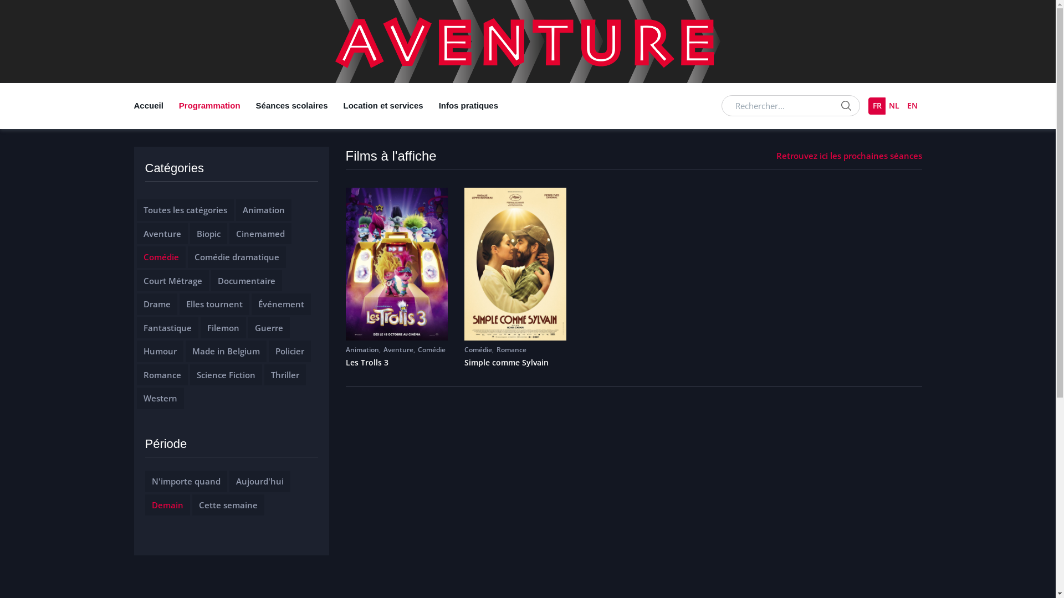  What do you see at coordinates (903, 106) in the screenshot?
I see `'EN'` at bounding box center [903, 106].